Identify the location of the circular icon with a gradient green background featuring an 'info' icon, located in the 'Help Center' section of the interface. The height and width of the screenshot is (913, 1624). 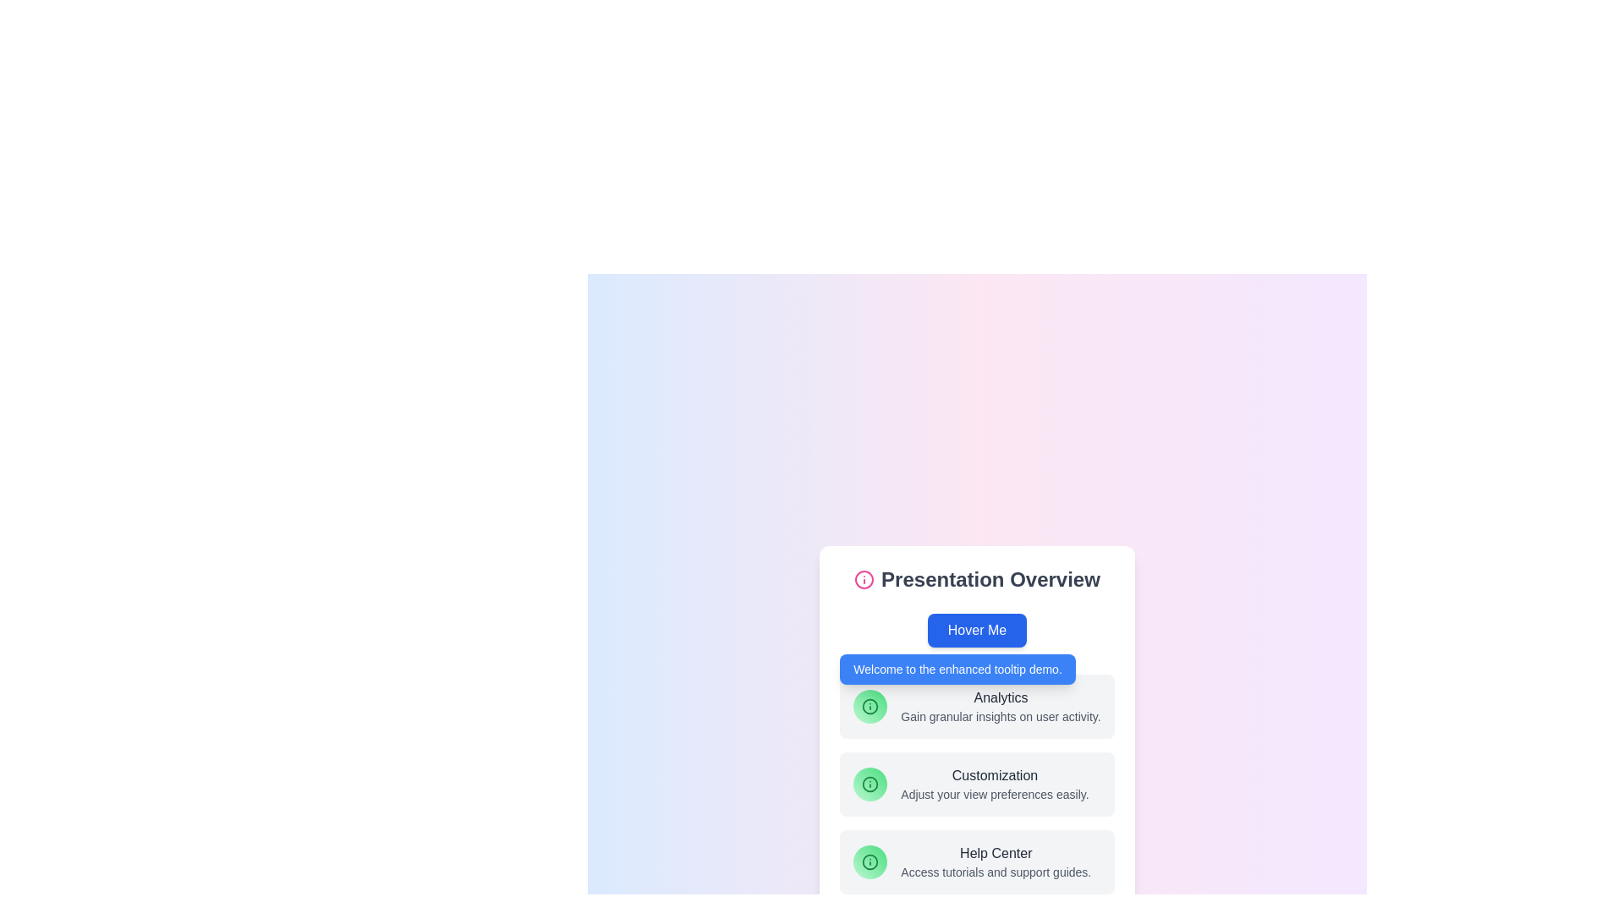
(870, 861).